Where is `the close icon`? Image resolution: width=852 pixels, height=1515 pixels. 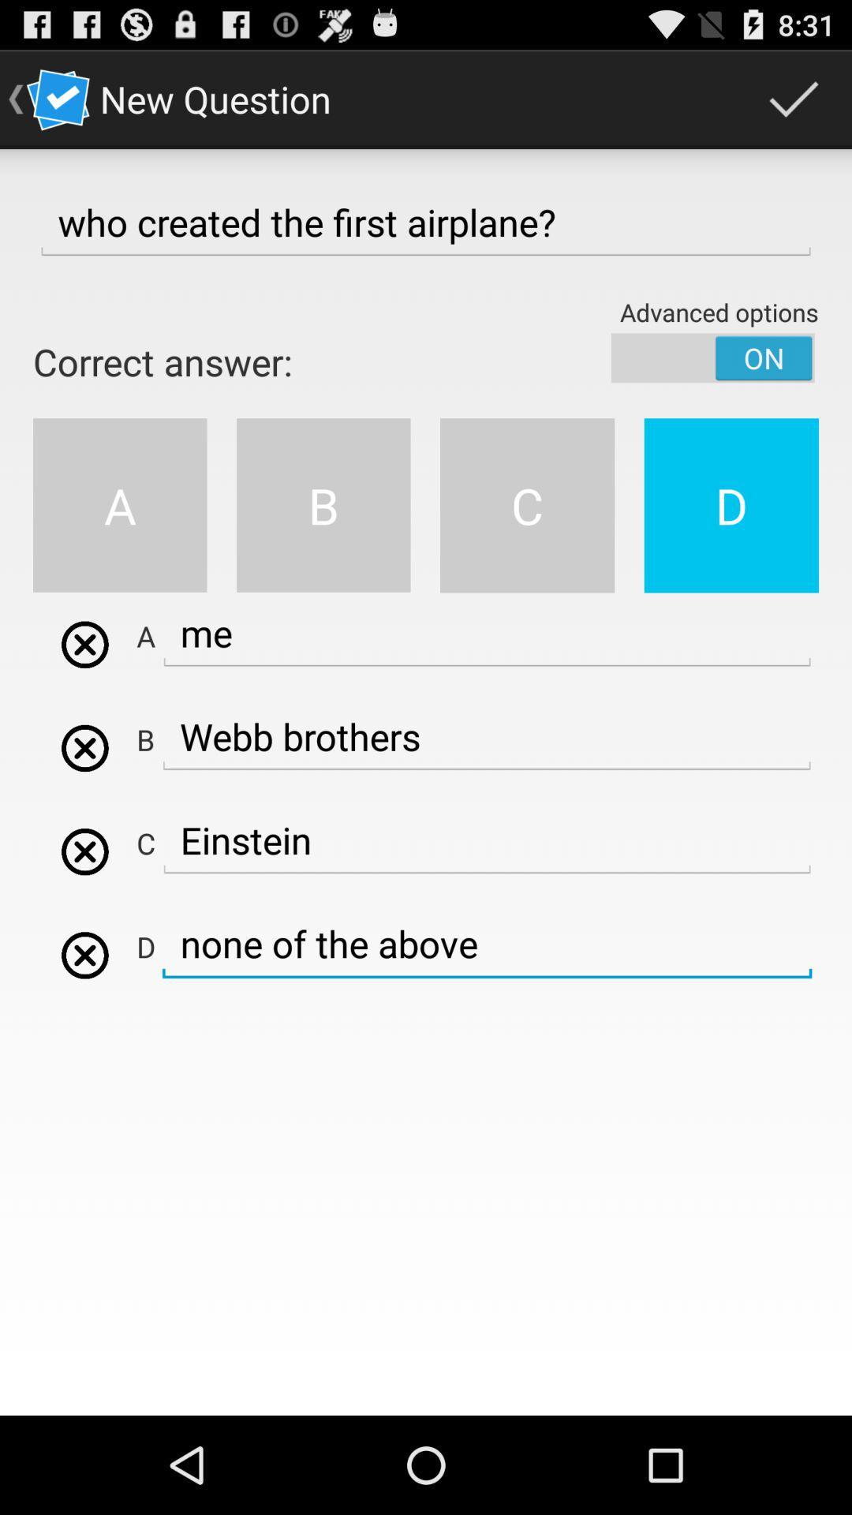 the close icon is located at coordinates (84, 911).